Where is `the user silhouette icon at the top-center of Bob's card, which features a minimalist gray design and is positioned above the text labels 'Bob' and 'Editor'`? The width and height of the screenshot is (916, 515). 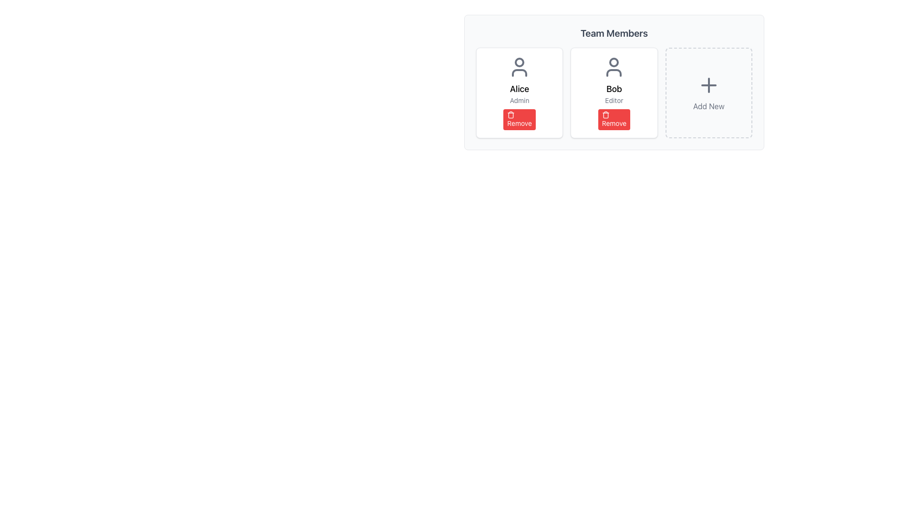
the user silhouette icon at the top-center of Bob's card, which features a minimalist gray design and is positioned above the text labels 'Bob' and 'Editor' is located at coordinates (614, 67).